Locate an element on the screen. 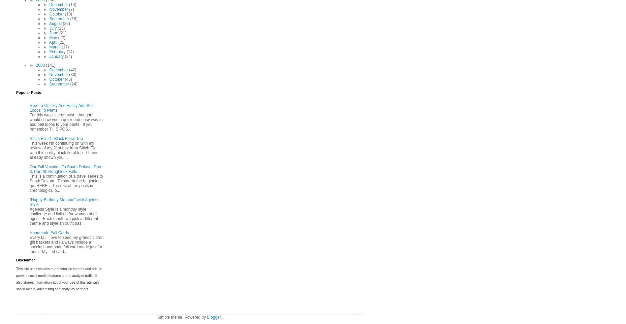  'Stitch Fix 21:  Black Floral Top' is located at coordinates (56, 138).